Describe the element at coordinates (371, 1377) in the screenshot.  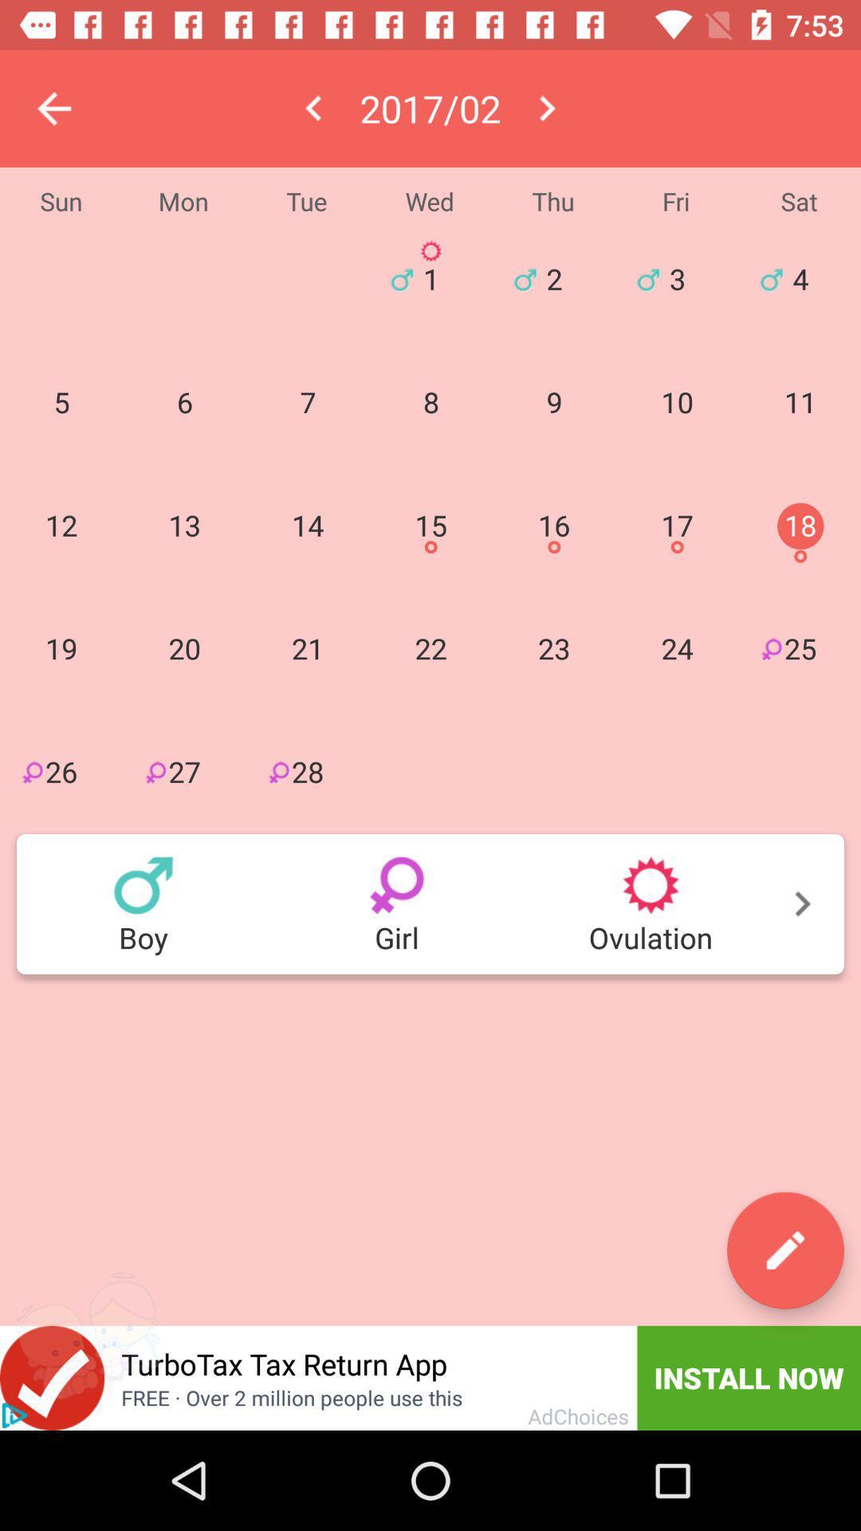
I see `the article turbo tax return app` at that location.